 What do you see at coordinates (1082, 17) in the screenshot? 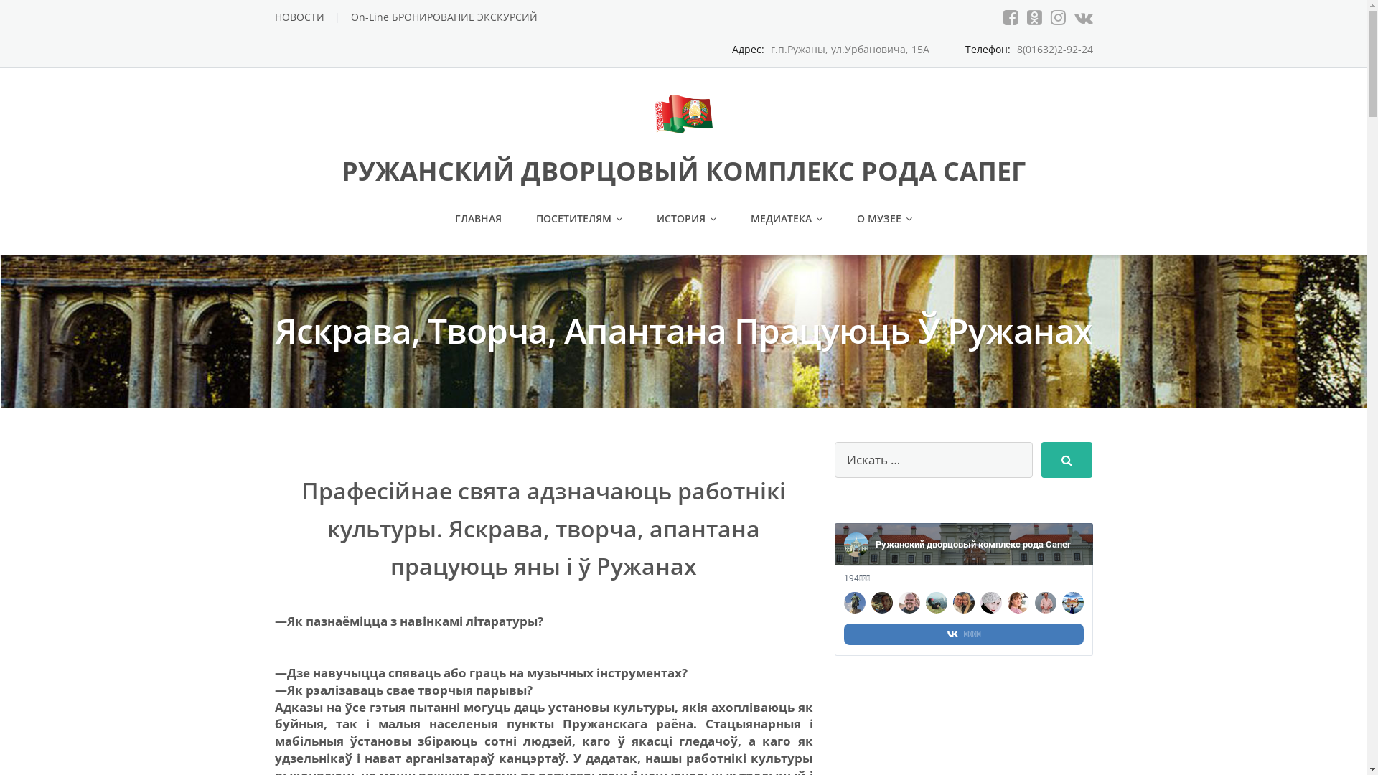
I see `'Vk'` at bounding box center [1082, 17].